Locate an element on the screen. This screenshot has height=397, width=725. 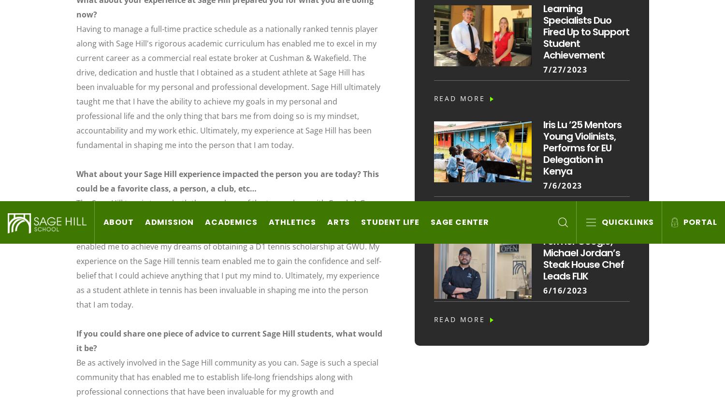
'20402 Newport Coast Drive, Newport Coast, CA 92657' is located at coordinates (173, 83).